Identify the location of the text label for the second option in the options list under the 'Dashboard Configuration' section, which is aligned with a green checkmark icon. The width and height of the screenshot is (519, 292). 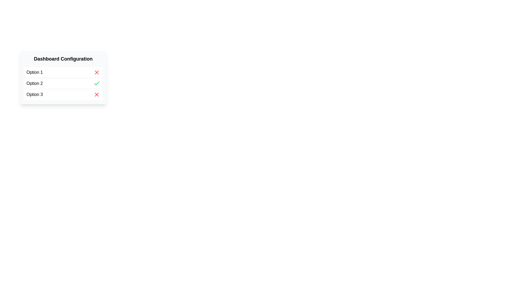
(34, 83).